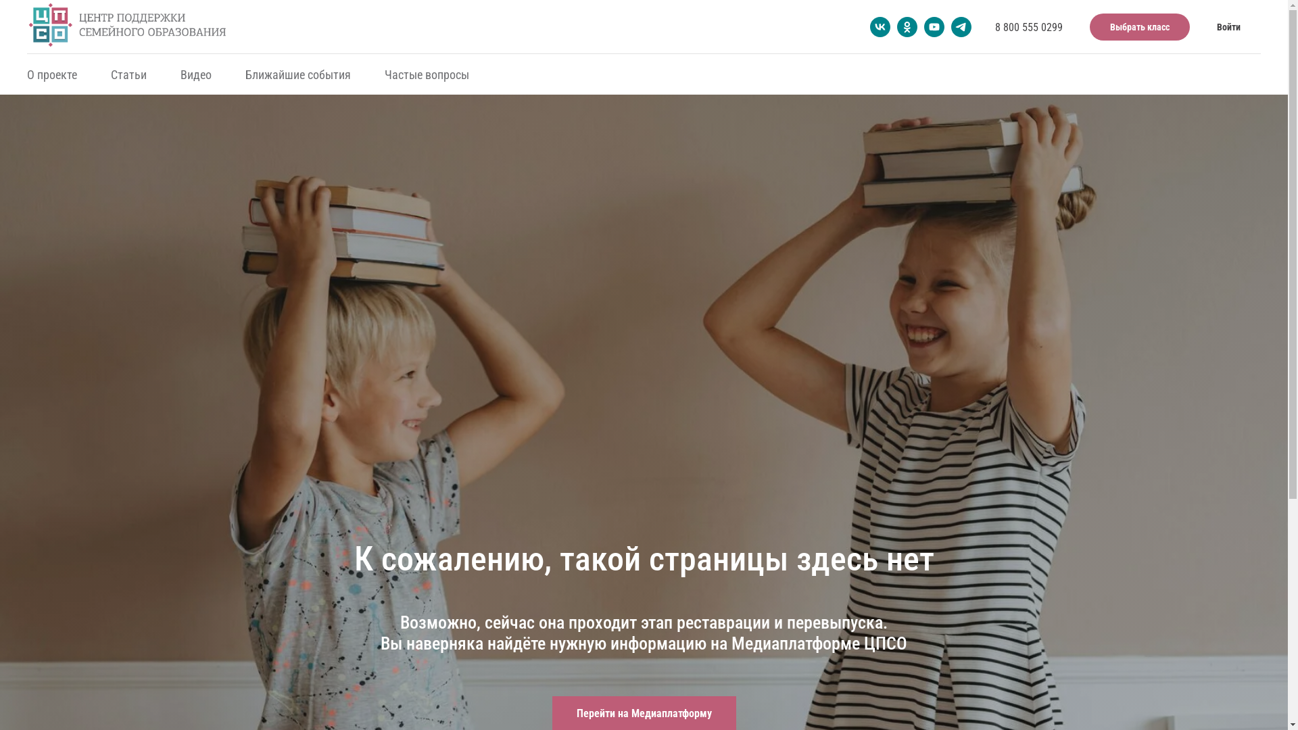 This screenshot has width=1298, height=730. What do you see at coordinates (995, 26) in the screenshot?
I see `'8 800 555 0299'` at bounding box center [995, 26].